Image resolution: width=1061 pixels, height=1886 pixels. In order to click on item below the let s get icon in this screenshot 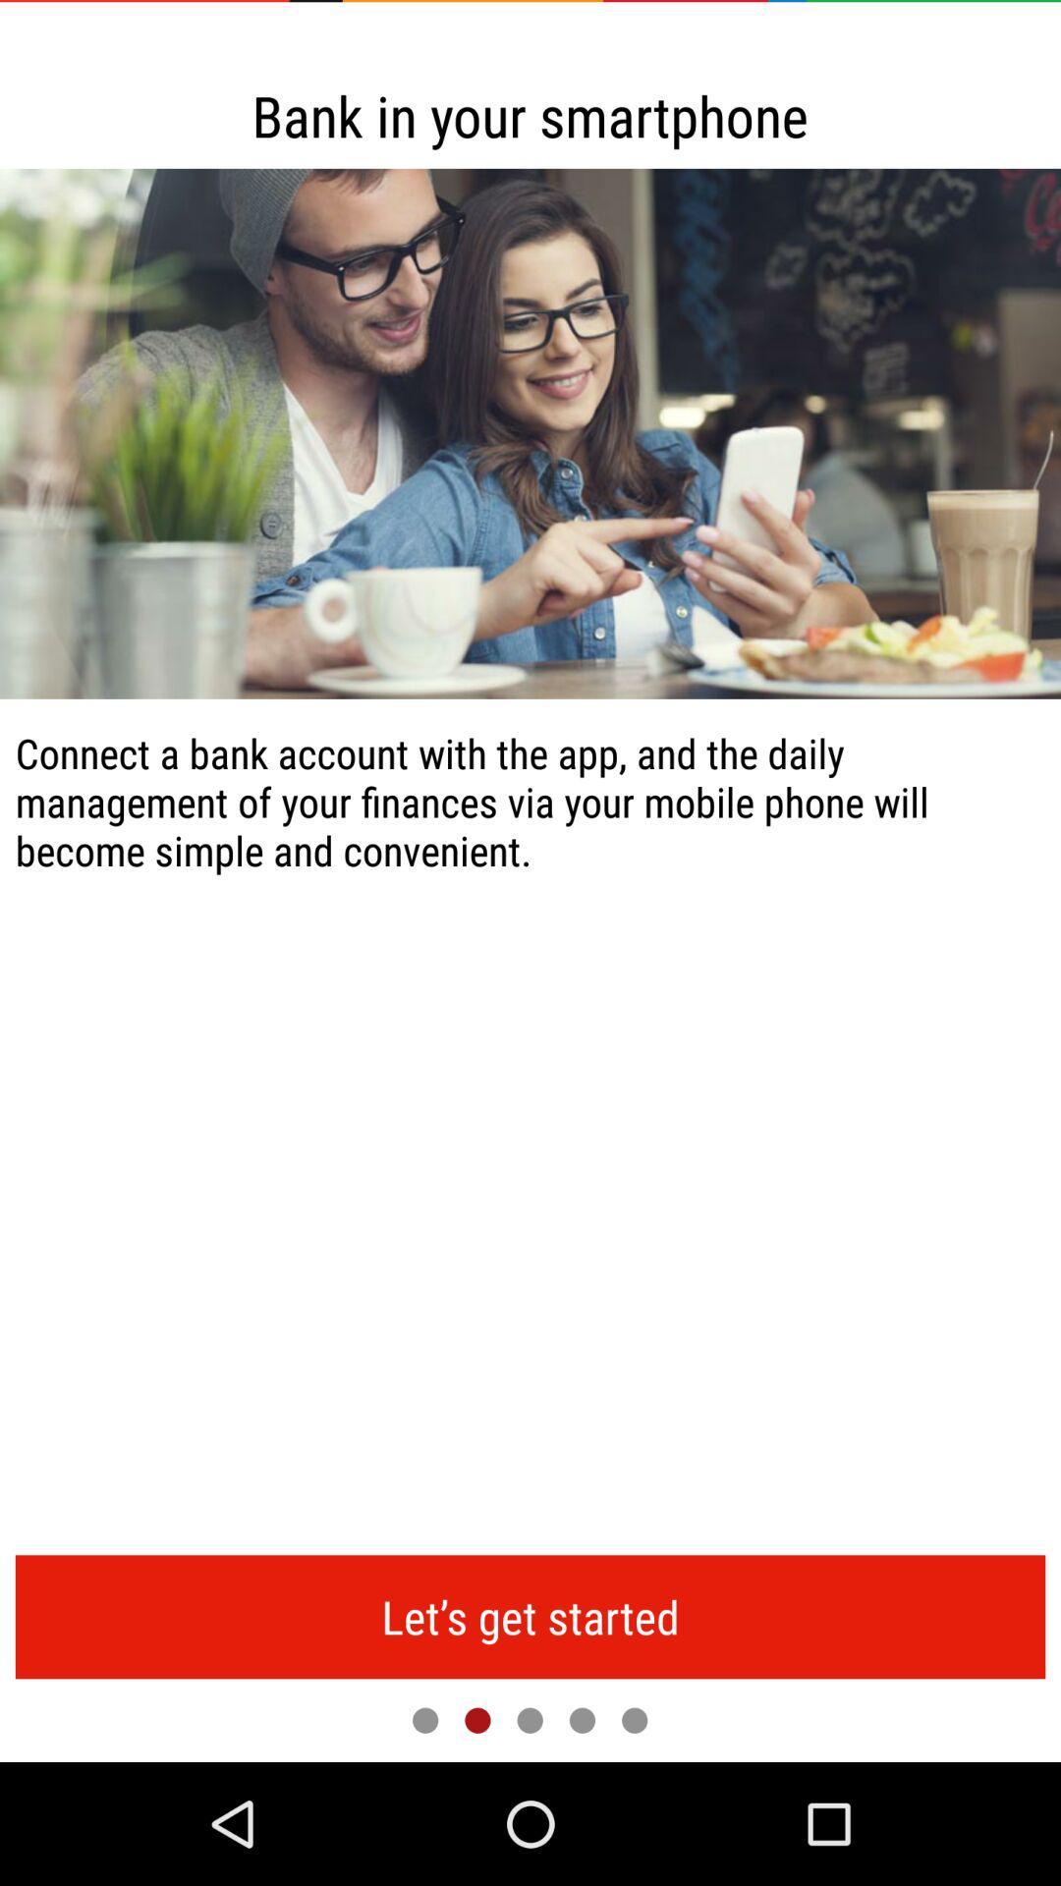, I will do `click(581, 1719)`.